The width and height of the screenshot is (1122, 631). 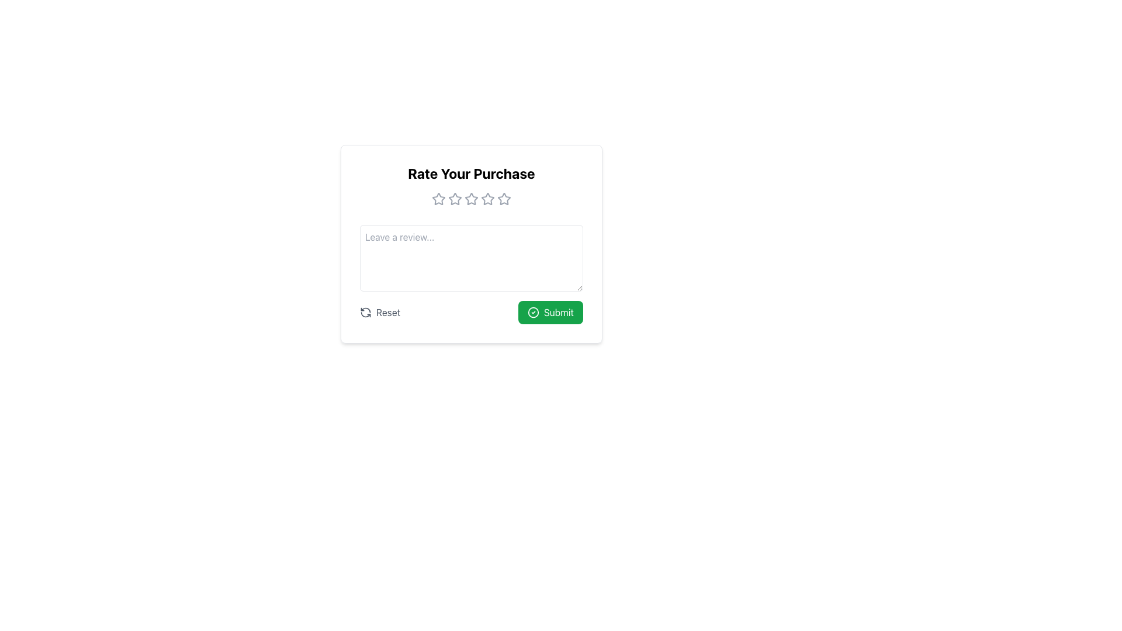 I want to click on the fifth star icon in the 'Rate Your Purchase' section, so click(x=504, y=198).